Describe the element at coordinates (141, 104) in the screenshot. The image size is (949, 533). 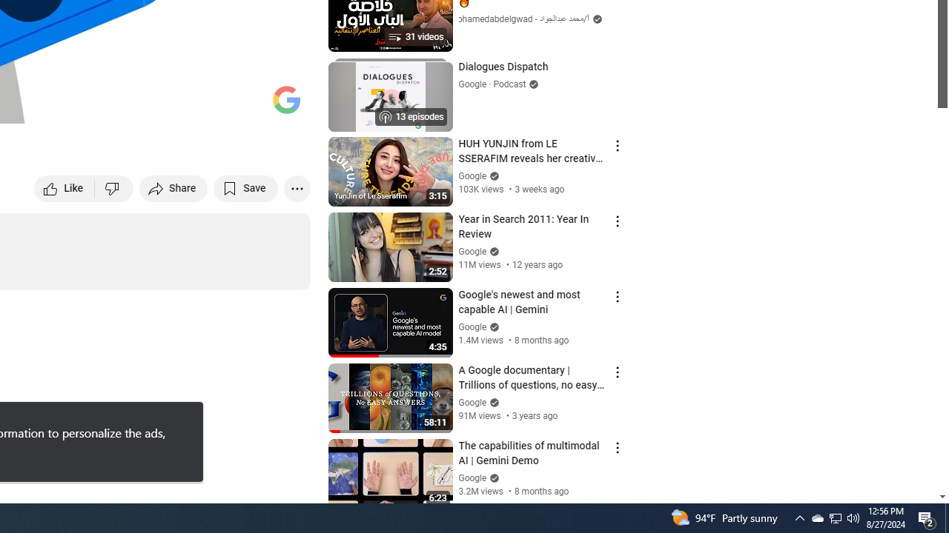
I see `'Subtitles/closed captions unavailable'` at that location.